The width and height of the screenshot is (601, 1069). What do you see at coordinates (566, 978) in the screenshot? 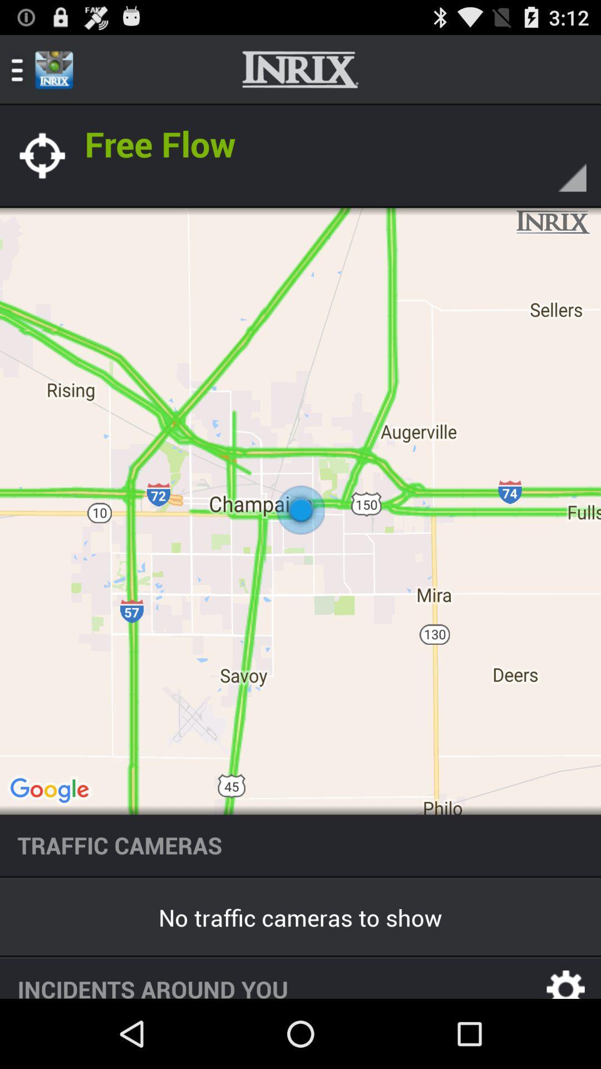
I see `settings` at bounding box center [566, 978].